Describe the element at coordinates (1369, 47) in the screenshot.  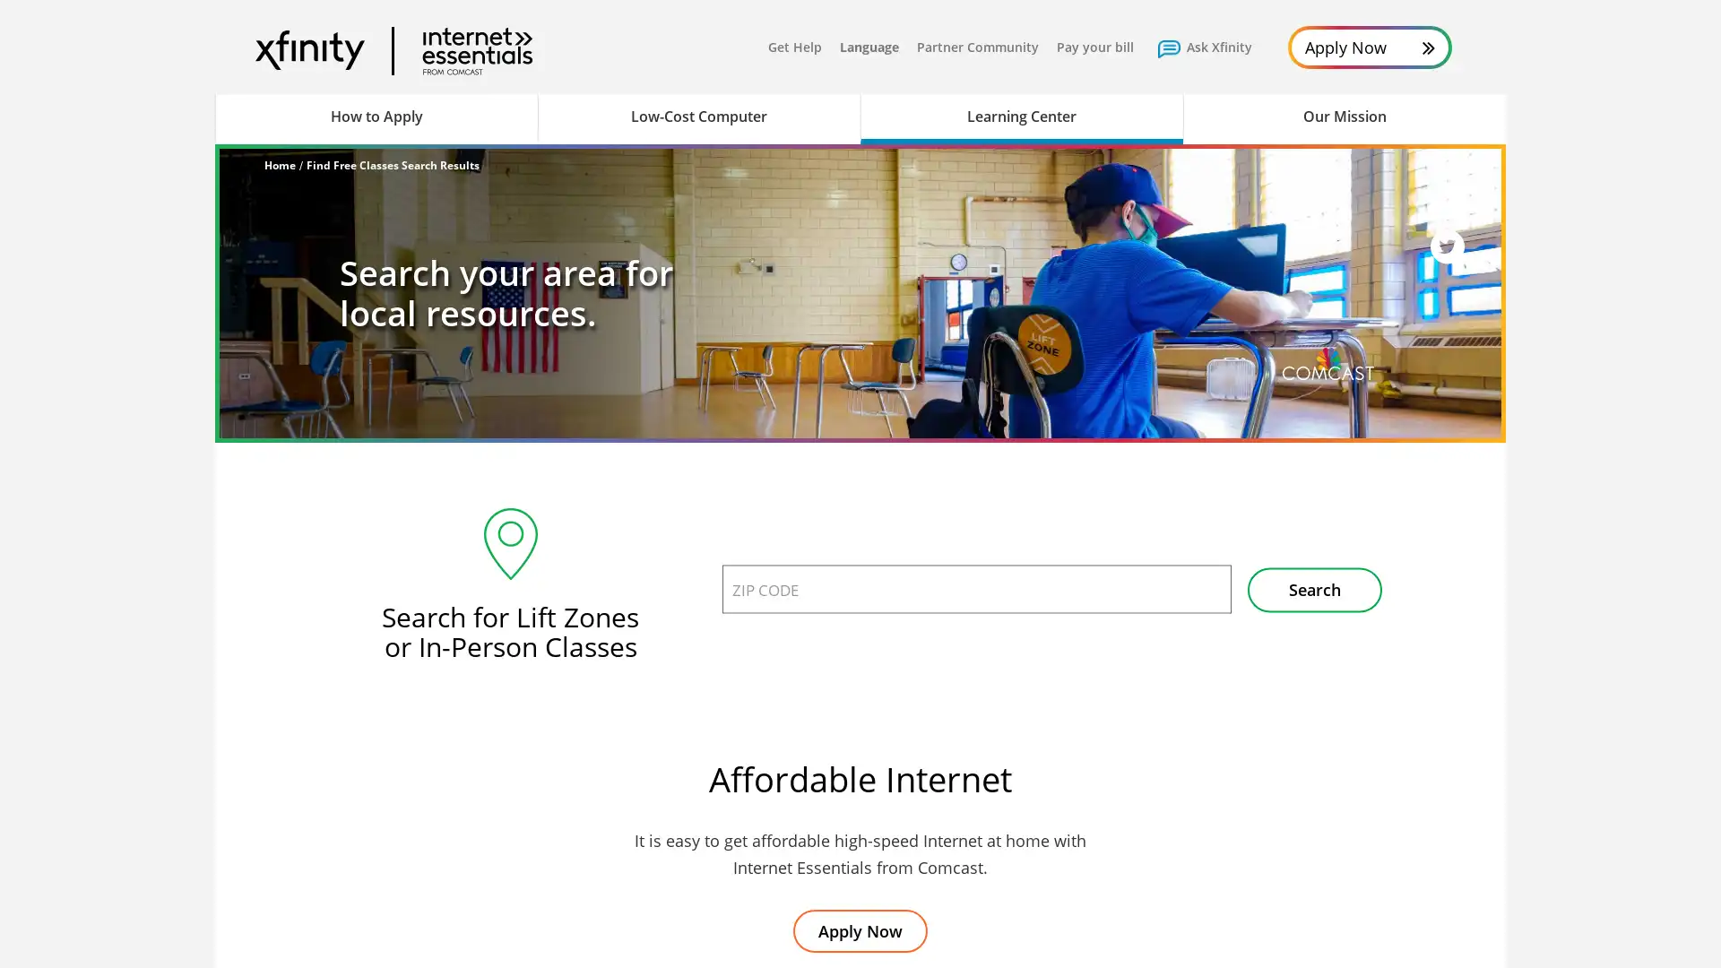
I see `Apply Now` at that location.